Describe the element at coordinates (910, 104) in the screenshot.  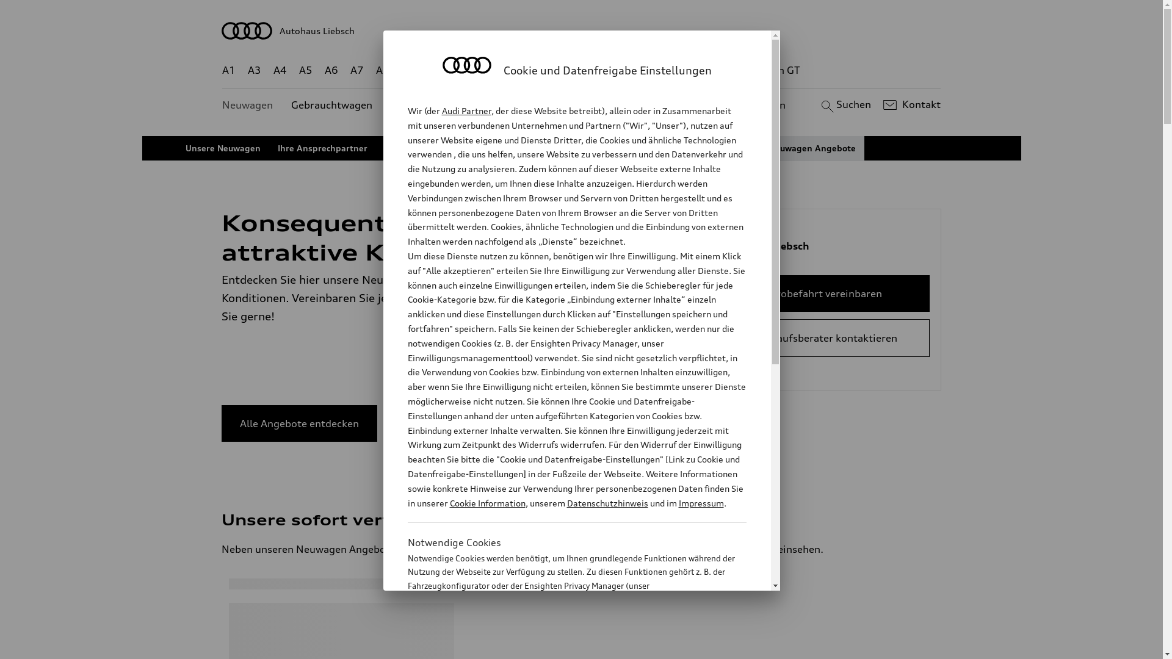
I see `'Kontakt'` at that location.